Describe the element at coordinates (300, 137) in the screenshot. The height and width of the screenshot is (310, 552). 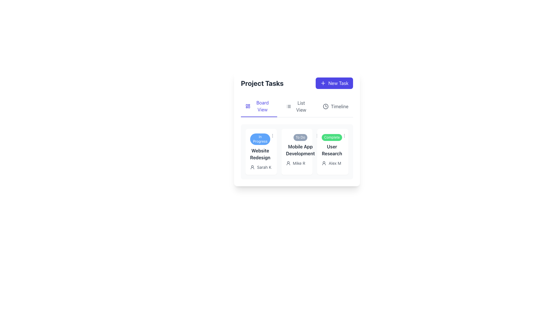
I see `the rounded badge labeled 'To Do' with a gray background and white text, located at the top-left corner of the 'Mobile App Development' task card` at that location.